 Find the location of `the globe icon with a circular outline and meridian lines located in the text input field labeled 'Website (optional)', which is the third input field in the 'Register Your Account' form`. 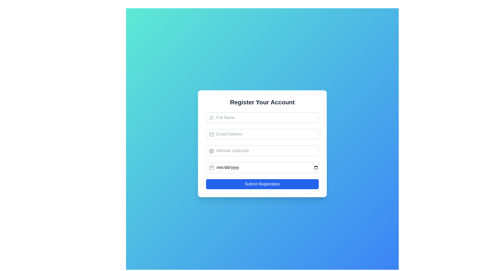

the globe icon with a circular outline and meridian lines located in the text input field labeled 'Website (optional)', which is the third input field in the 'Register Your Account' form is located at coordinates (211, 151).